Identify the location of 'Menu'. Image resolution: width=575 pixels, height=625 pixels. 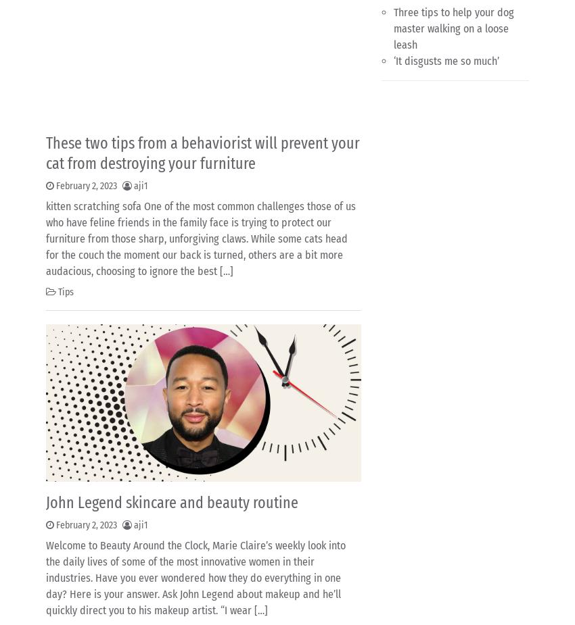
(62, 580).